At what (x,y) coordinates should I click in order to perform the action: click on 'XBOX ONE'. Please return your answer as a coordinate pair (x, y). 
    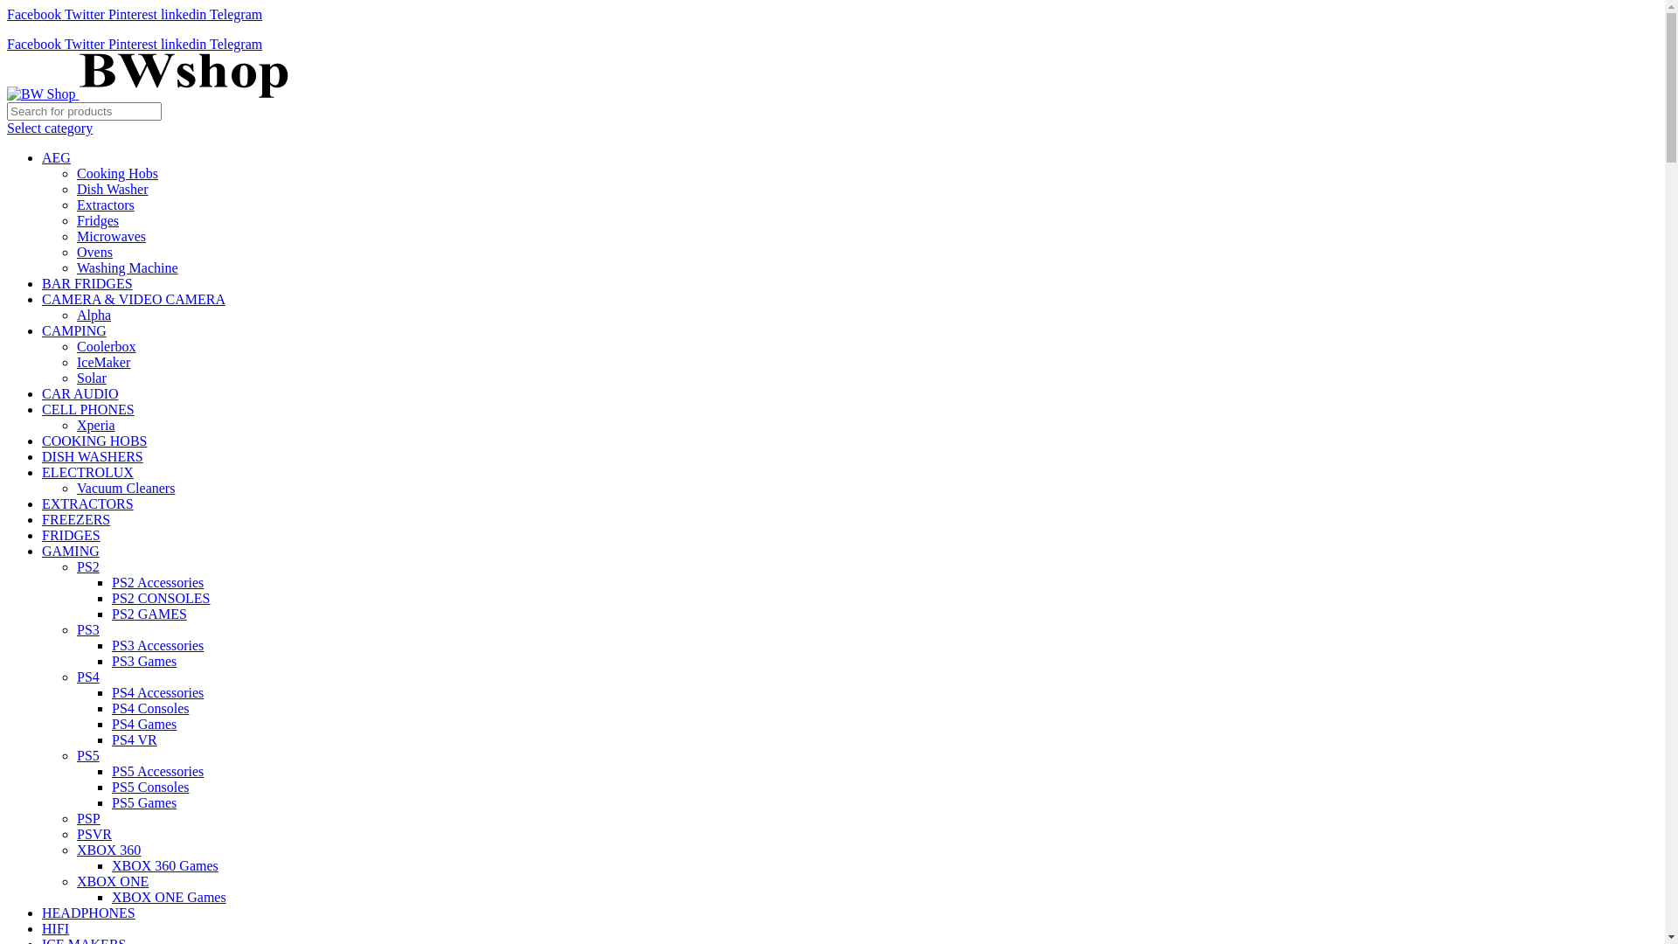
    Looking at the image, I should click on (112, 881).